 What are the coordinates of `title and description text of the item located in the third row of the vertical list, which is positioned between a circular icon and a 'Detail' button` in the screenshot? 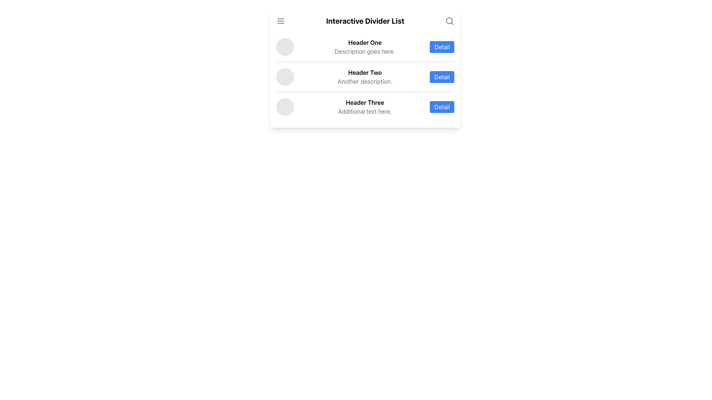 It's located at (365, 107).